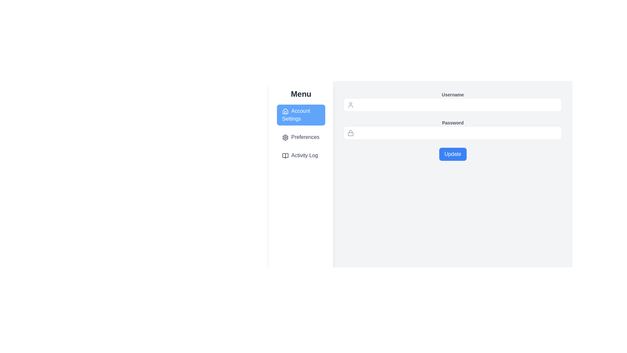  What do you see at coordinates (301, 137) in the screenshot?
I see `the 'Preferences' menu item, which features a gear icon and is the second option in the vertical menu list` at bounding box center [301, 137].